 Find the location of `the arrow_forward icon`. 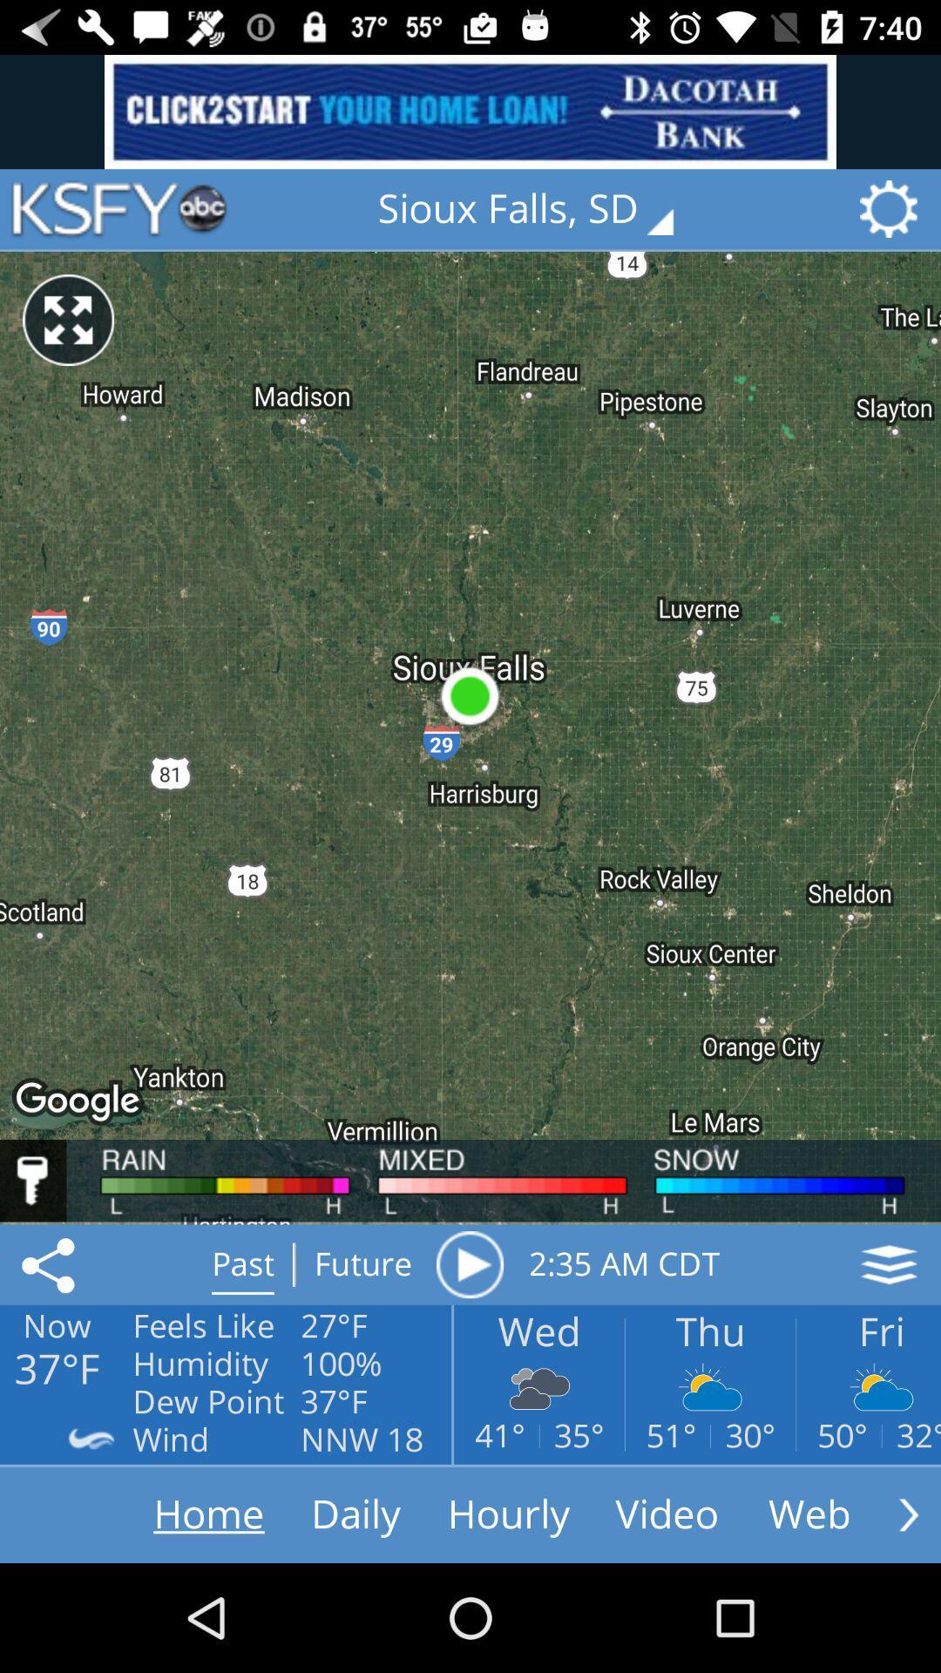

the arrow_forward icon is located at coordinates (908, 1514).